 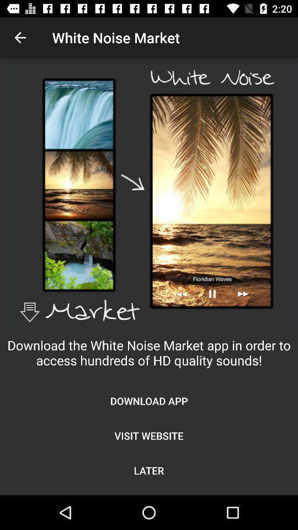 I want to click on the later, so click(x=149, y=470).